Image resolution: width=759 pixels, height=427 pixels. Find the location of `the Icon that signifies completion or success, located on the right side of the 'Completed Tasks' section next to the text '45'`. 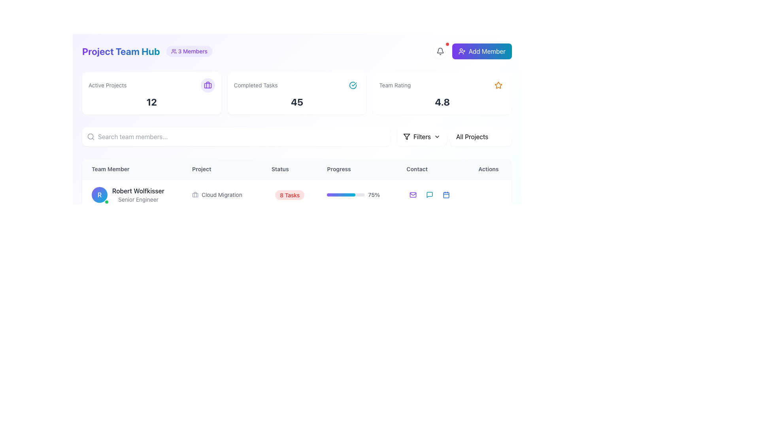

the Icon that signifies completion or success, located on the right side of the 'Completed Tasks' section next to the text '45' is located at coordinates (352, 85).